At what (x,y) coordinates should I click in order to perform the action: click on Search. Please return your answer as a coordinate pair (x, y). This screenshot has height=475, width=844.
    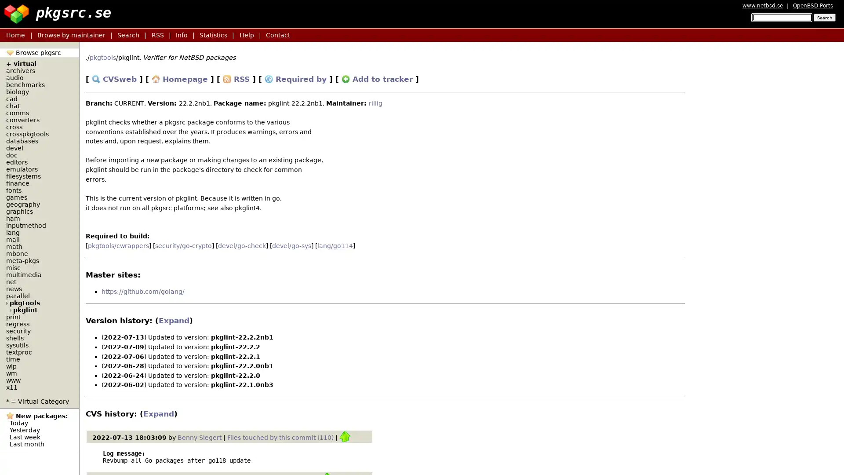
    Looking at the image, I should click on (824, 17).